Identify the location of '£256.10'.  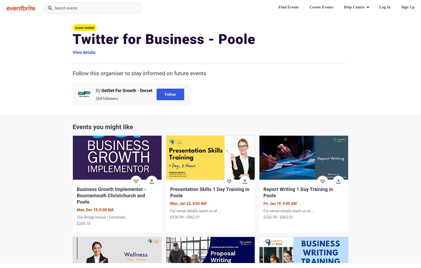
(77, 223).